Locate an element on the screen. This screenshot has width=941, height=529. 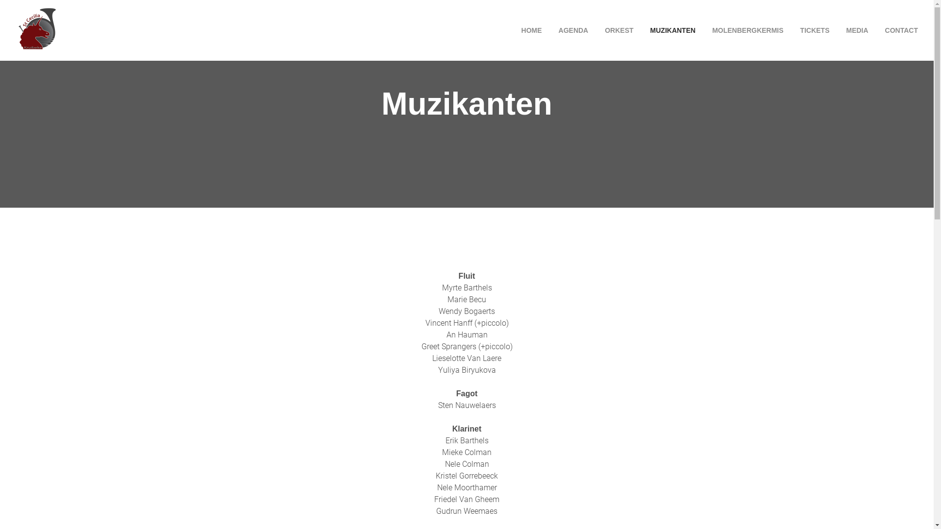
'MUZIKANTEN' is located at coordinates (643, 29).